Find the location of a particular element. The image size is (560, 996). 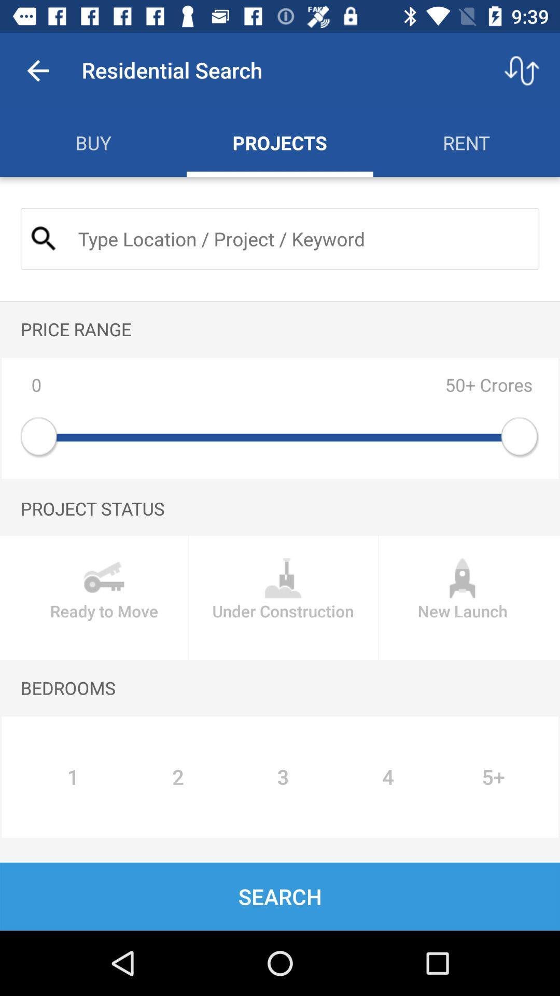

the button left to ready to move is located at coordinates (283, 598).